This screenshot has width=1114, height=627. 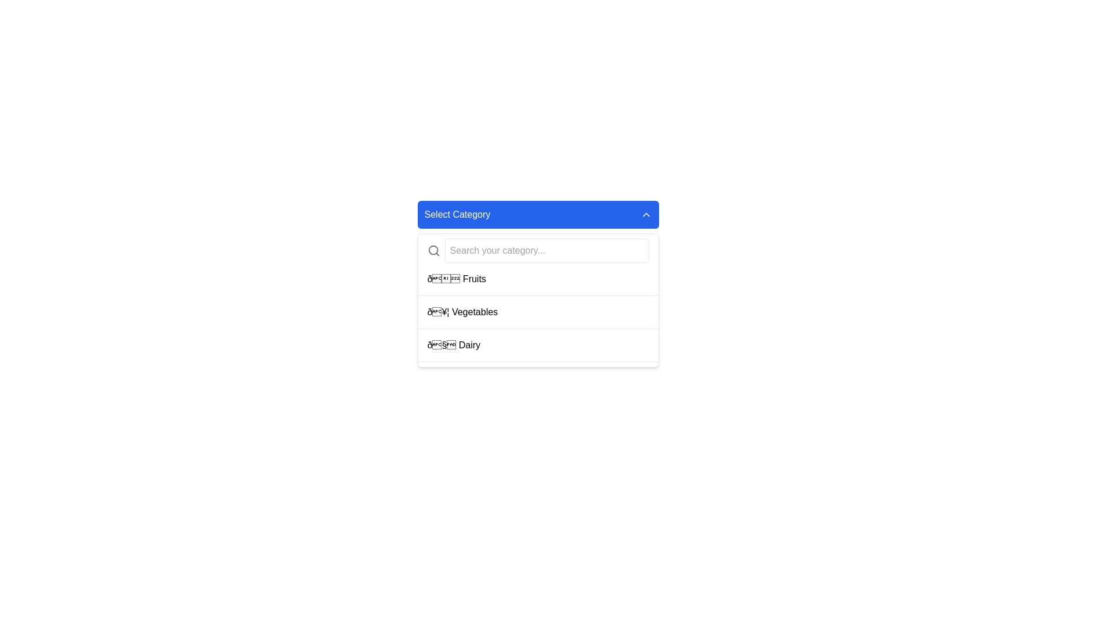 I want to click on the selectable list item labeled 'Fruits', so click(x=456, y=279).